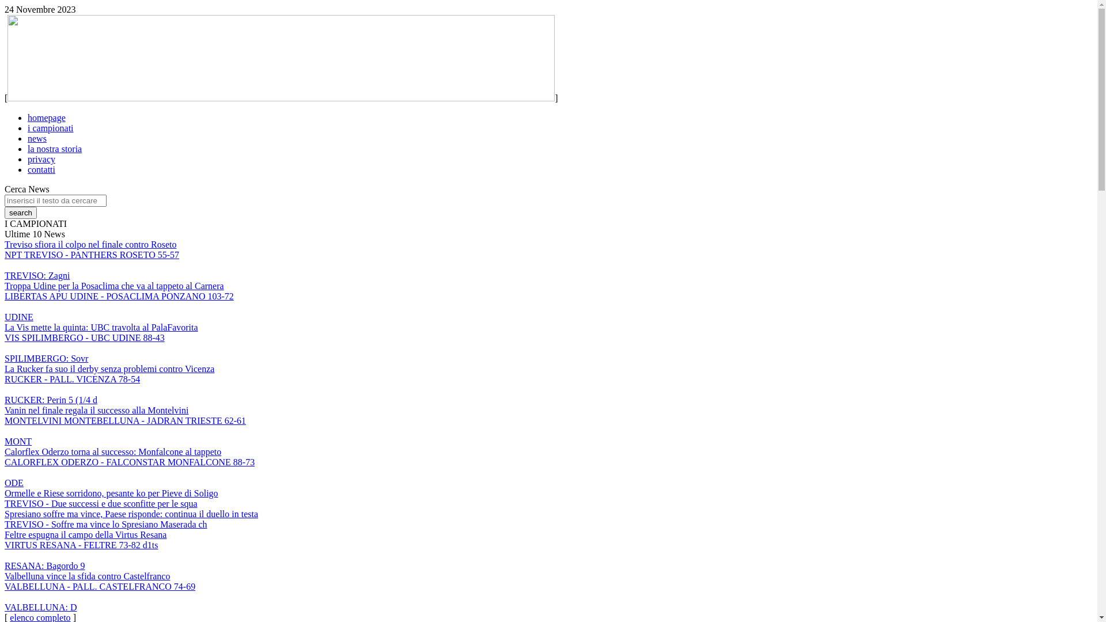  I want to click on 'la nostra storia', so click(54, 148).